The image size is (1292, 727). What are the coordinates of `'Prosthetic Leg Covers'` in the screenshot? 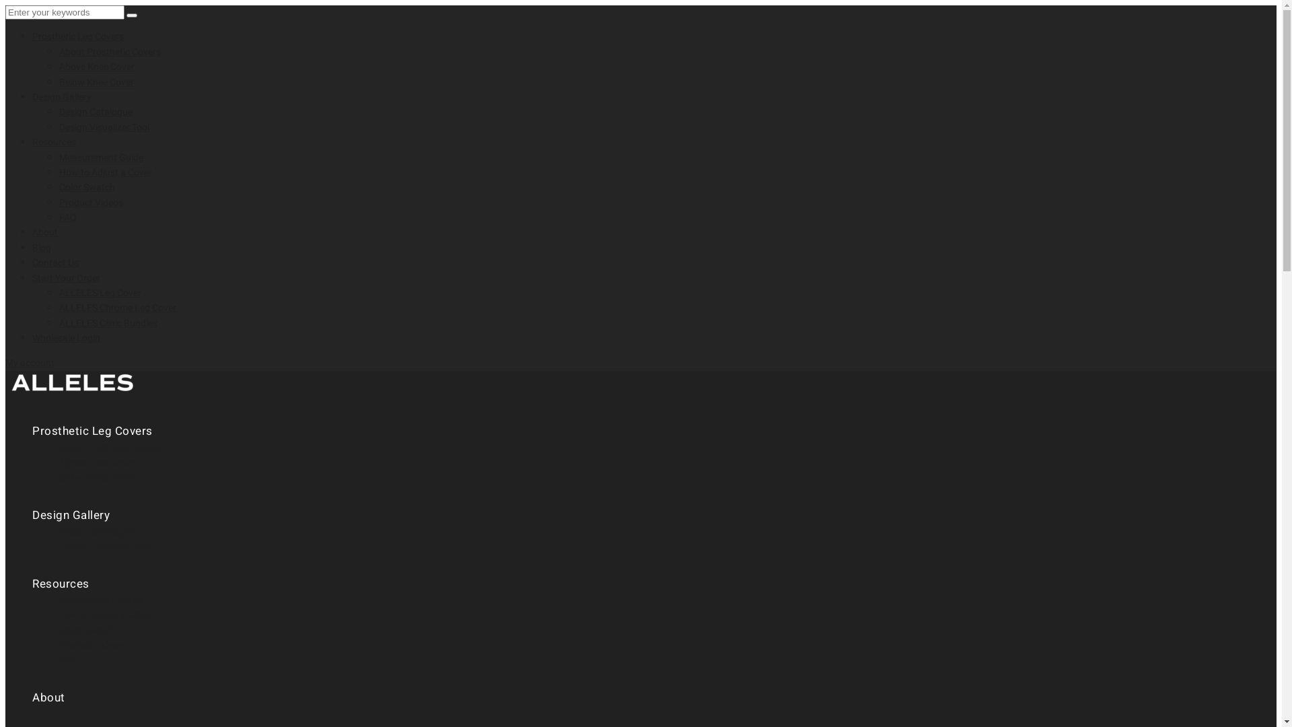 It's located at (77, 36).